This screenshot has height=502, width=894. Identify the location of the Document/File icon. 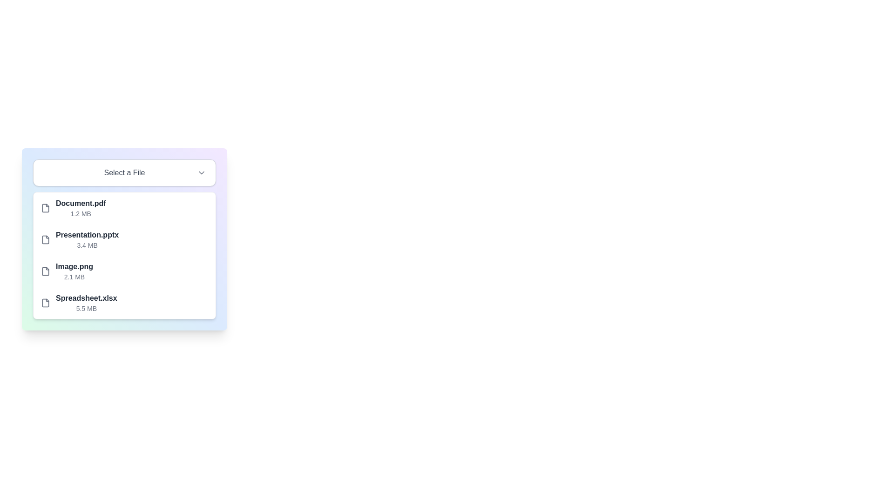
(45, 239).